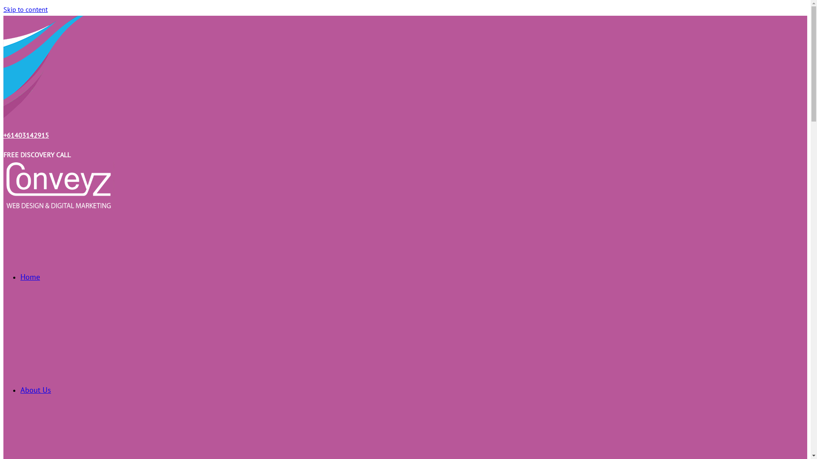  I want to click on 'FREE DISCOVERY CALL', so click(36, 154).